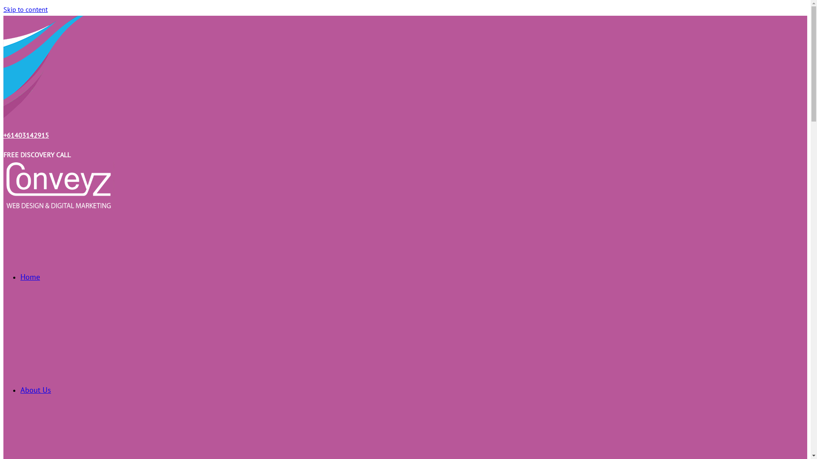  I want to click on 'FREE DISCOVERY CALL', so click(36, 154).